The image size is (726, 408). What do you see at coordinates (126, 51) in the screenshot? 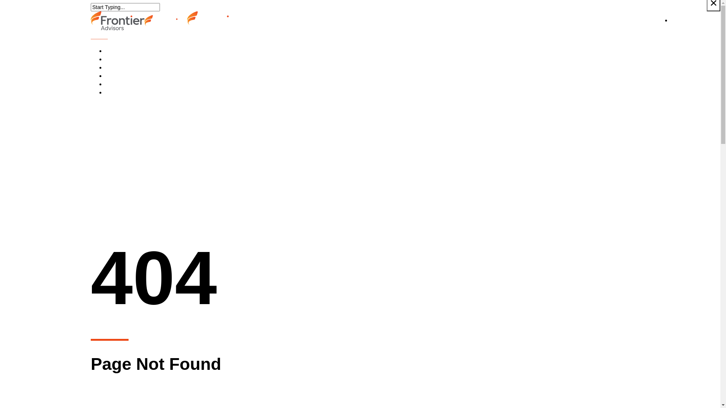
I see `'Services'` at bounding box center [126, 51].